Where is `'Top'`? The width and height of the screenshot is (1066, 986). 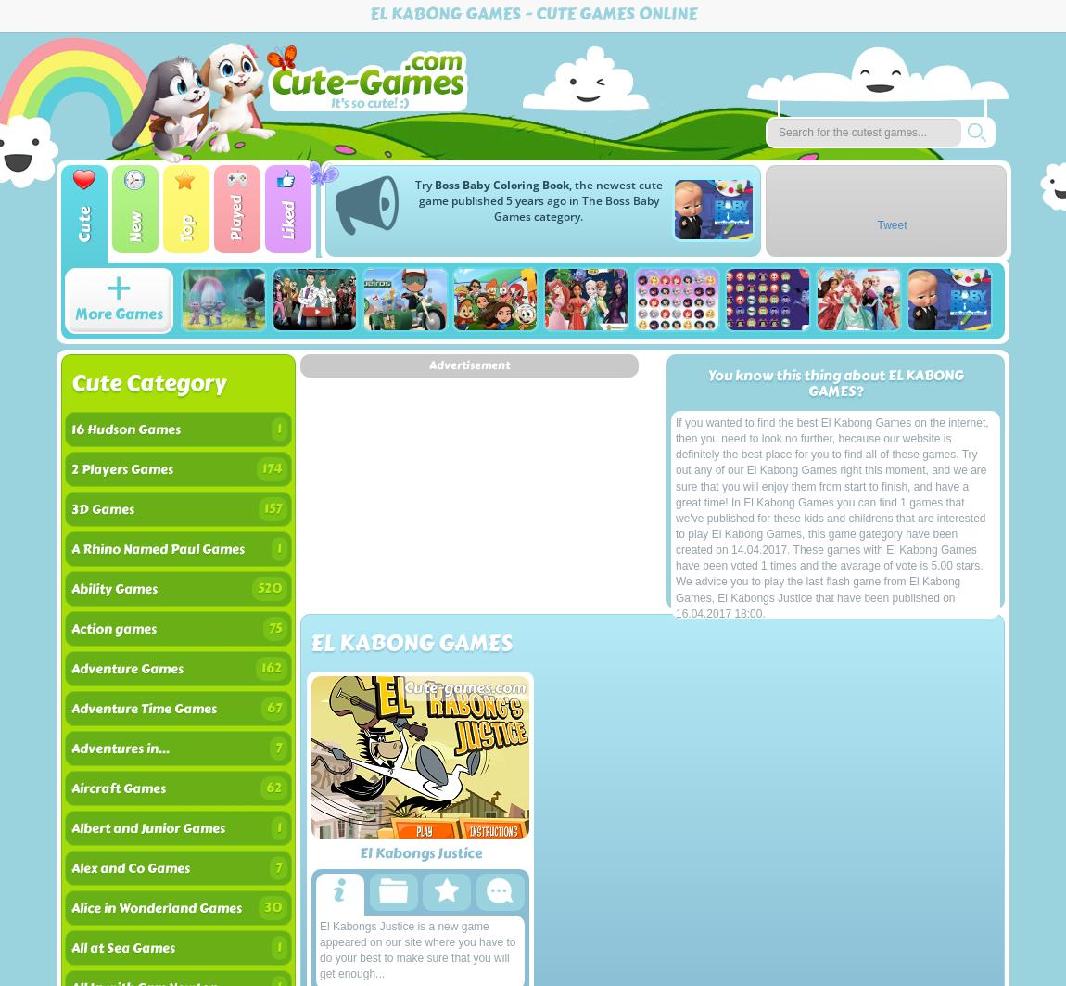
'Top' is located at coordinates (171, 229).